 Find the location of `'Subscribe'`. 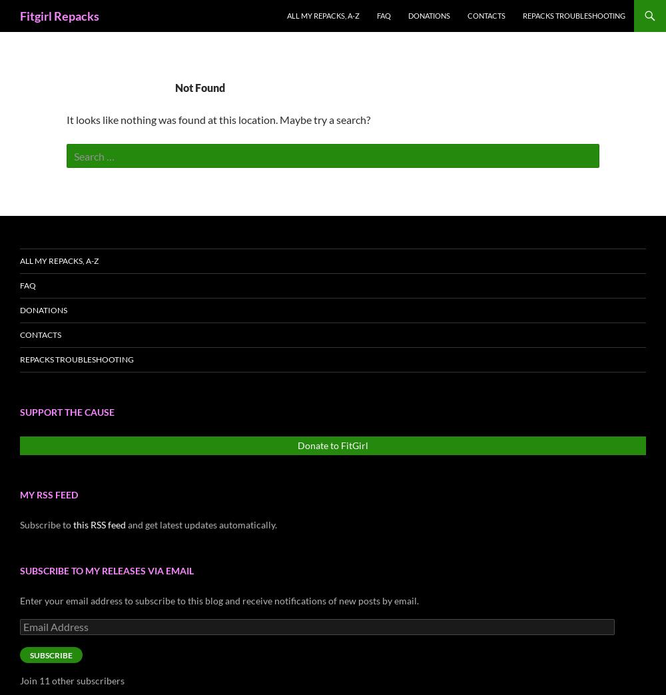

'Subscribe' is located at coordinates (51, 655).